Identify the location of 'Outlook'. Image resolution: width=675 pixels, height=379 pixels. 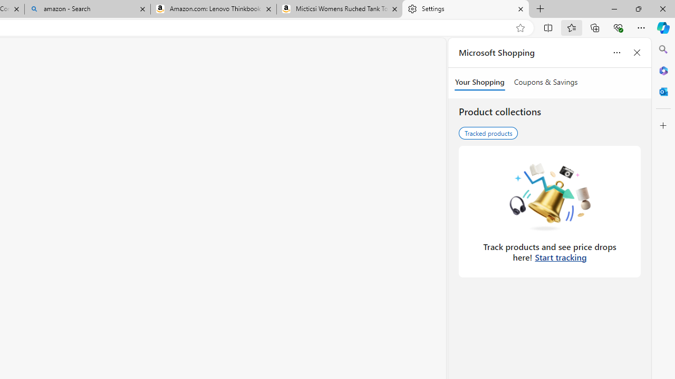
(663, 91).